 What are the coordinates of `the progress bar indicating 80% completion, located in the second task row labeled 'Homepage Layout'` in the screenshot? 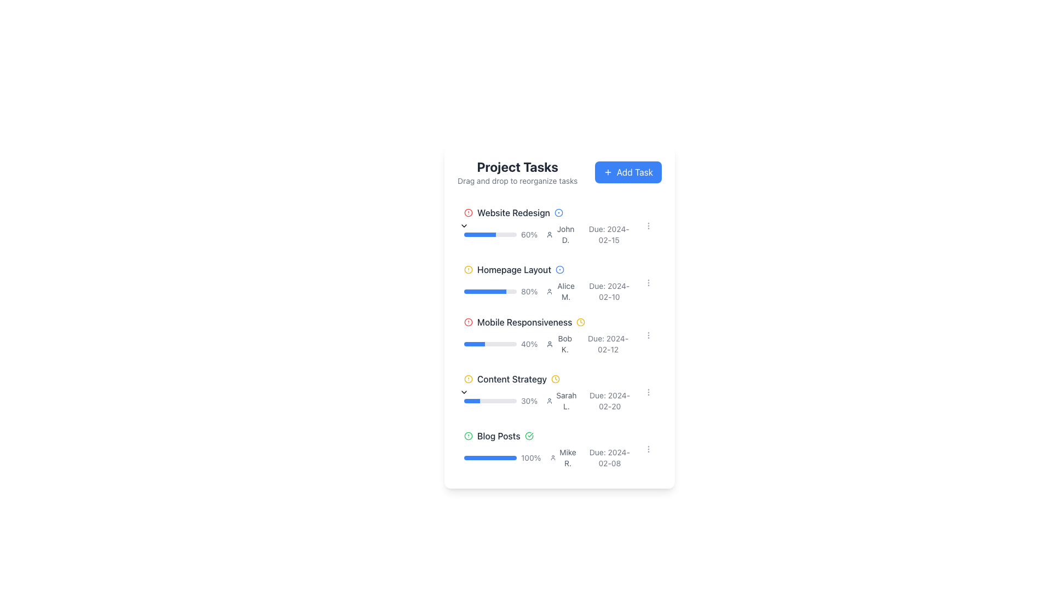 It's located at (484, 291).